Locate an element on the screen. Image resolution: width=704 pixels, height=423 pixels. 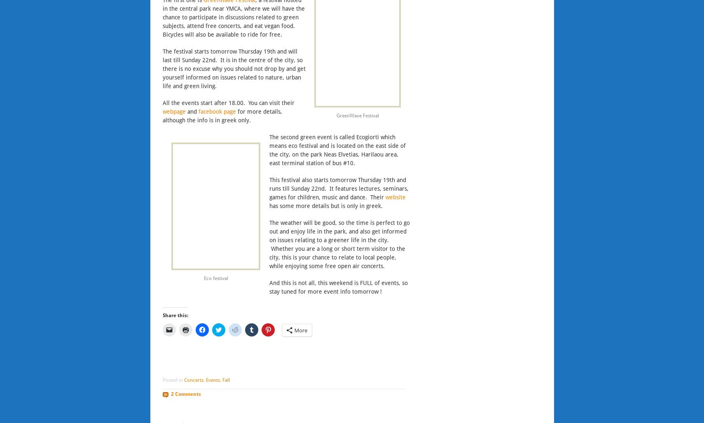
'for more details, although the info is in greek only.' is located at coordinates (161, 115).